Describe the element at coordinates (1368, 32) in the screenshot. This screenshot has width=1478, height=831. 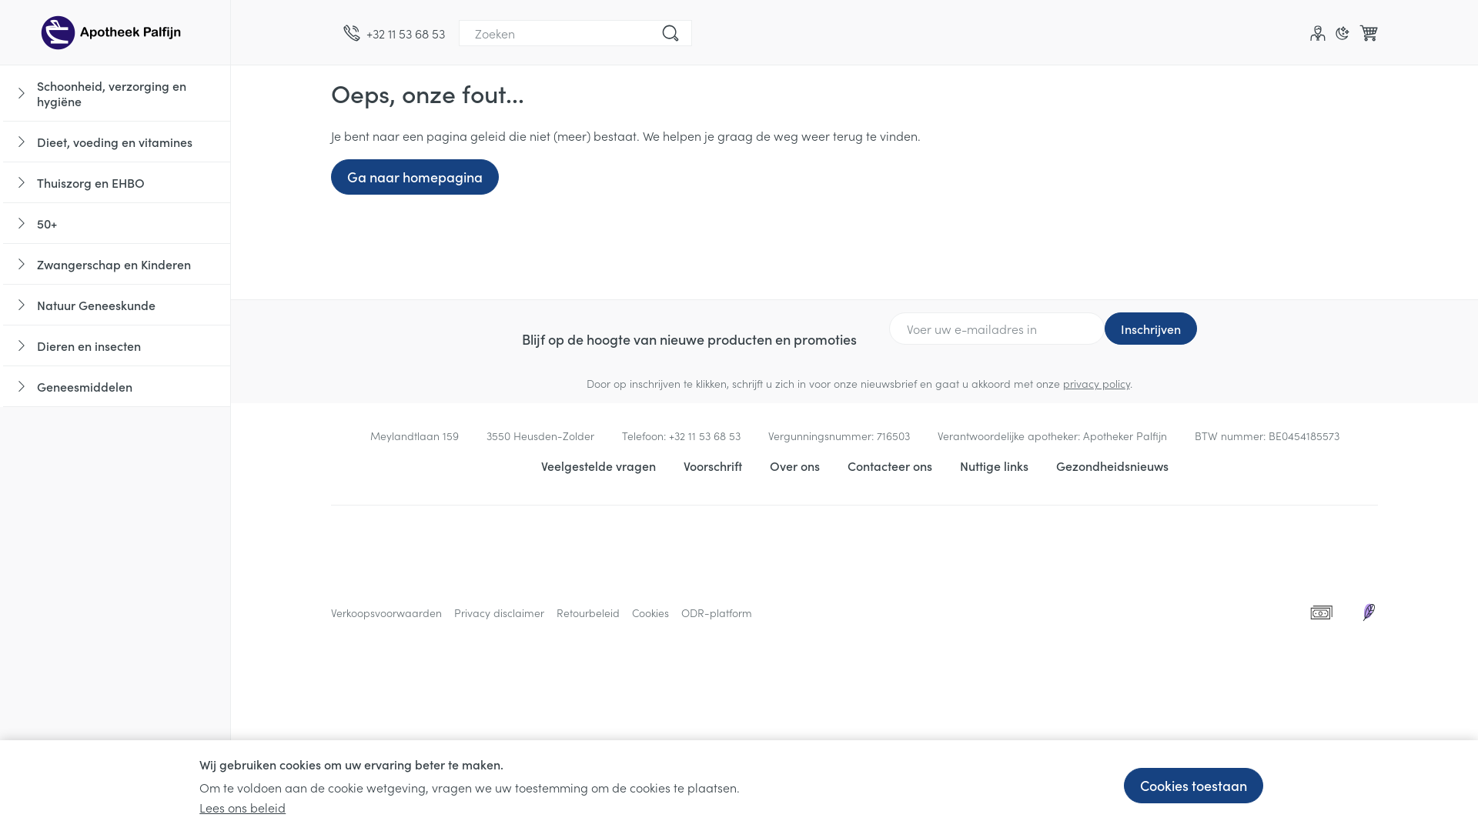
I see `'Winkelwagen'` at that location.